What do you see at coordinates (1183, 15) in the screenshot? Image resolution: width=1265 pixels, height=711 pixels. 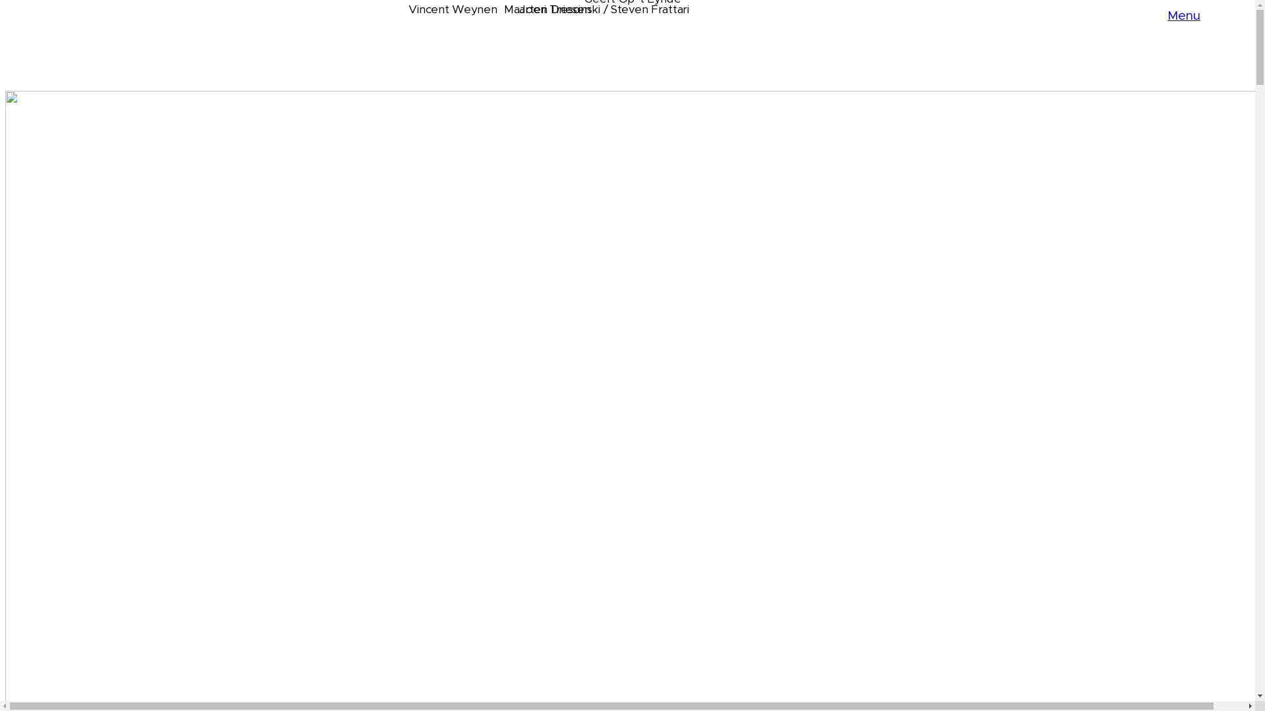 I see `'Menu'` at bounding box center [1183, 15].